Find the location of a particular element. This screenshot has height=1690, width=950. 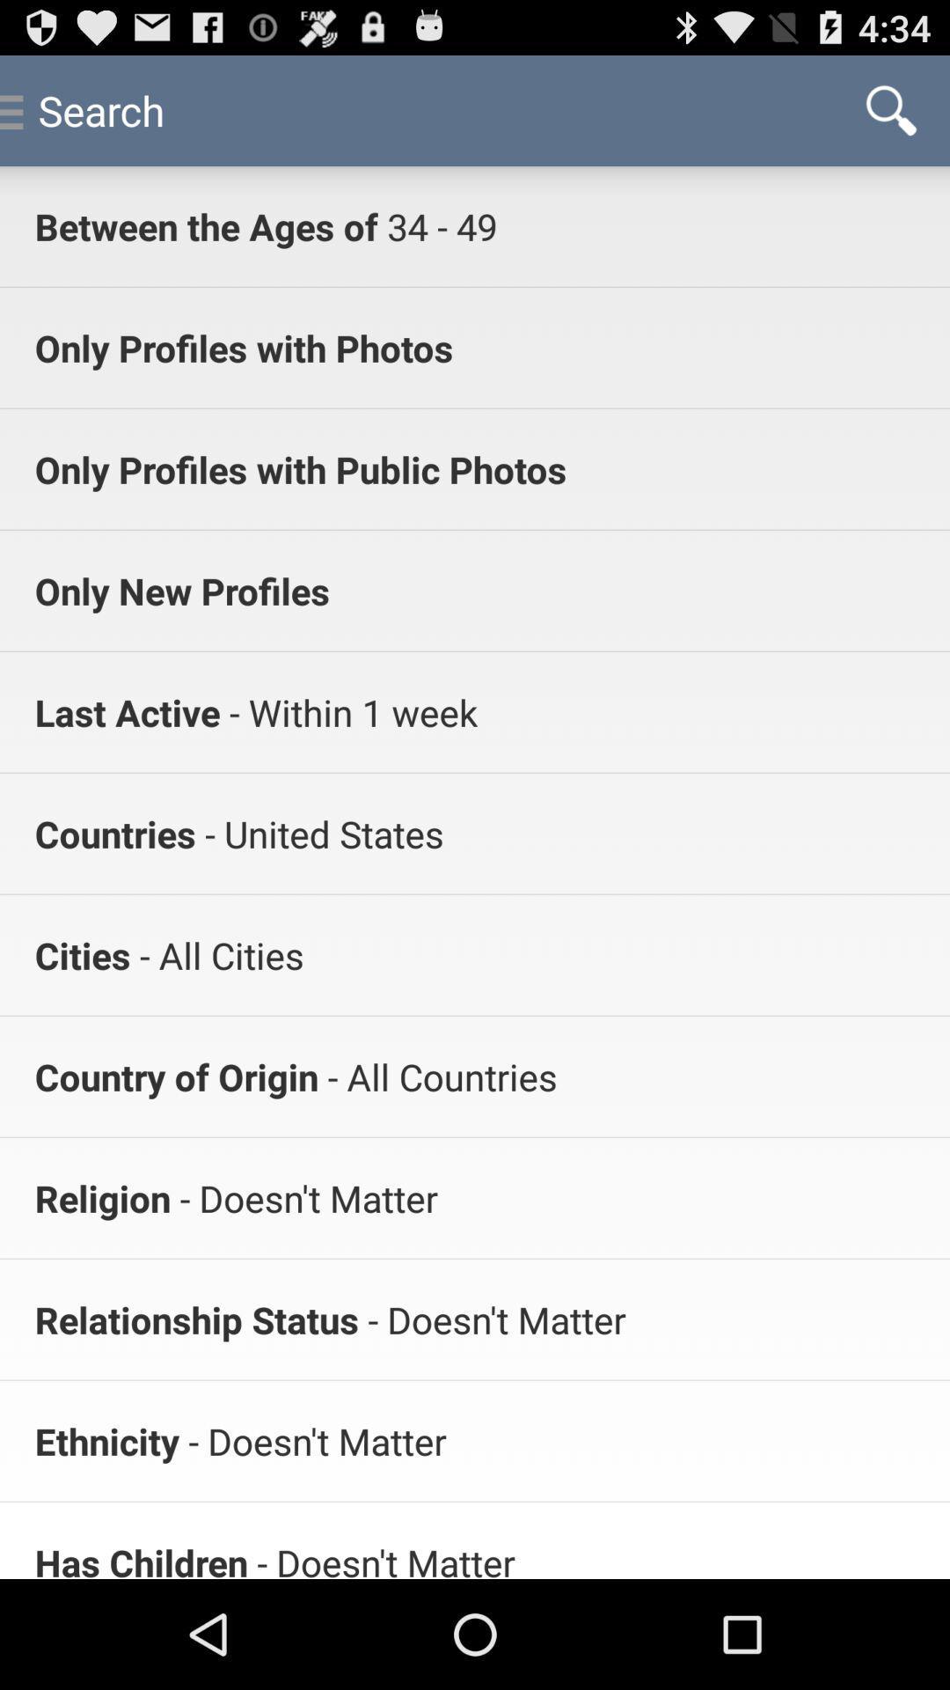

the item above the only profiles with is located at coordinates (436, 225).